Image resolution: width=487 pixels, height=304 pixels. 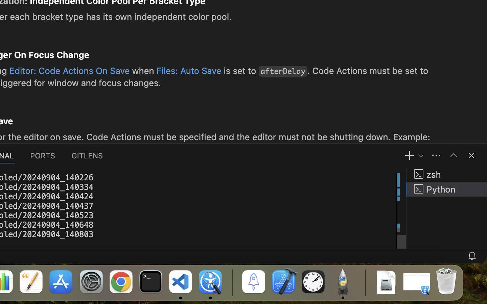 I want to click on '', so click(x=453, y=155).